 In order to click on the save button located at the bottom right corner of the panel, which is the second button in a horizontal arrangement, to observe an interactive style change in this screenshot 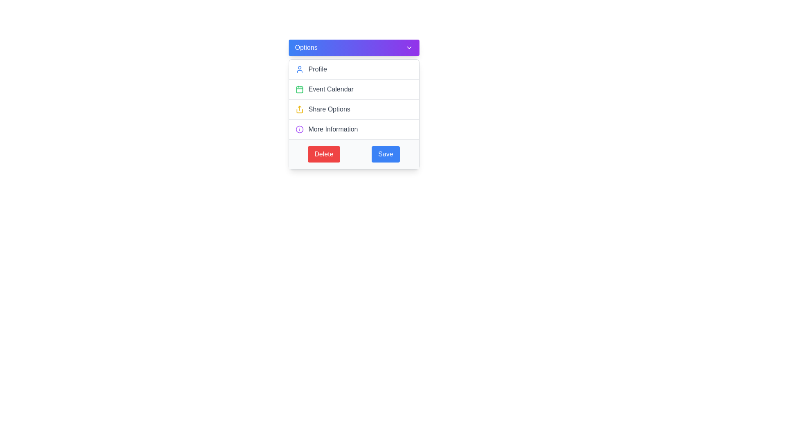, I will do `click(385, 154)`.